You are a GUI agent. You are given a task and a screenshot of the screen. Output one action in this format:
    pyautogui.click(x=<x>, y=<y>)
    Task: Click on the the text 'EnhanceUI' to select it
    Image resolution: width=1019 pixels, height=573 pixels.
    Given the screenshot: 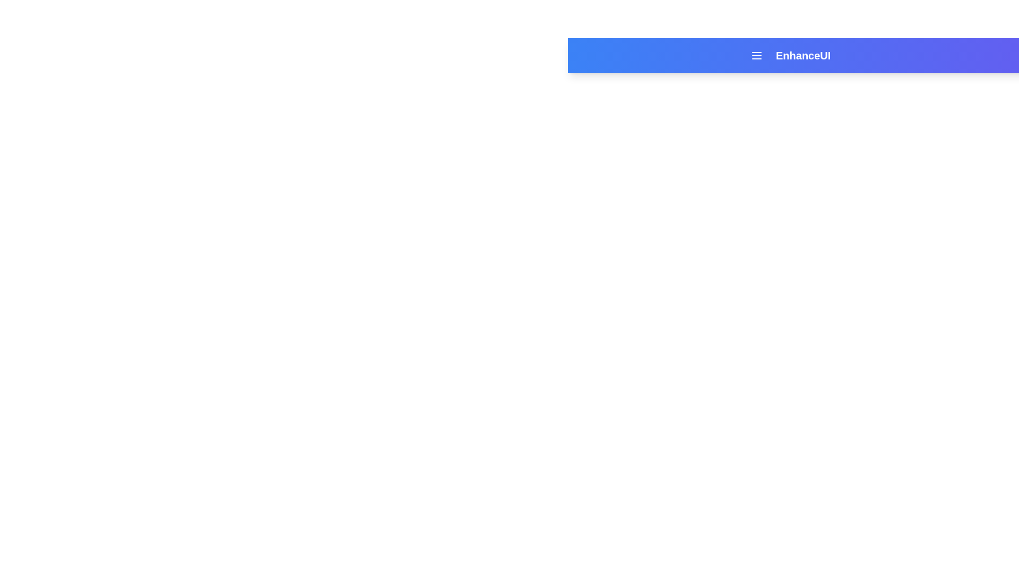 What is the action you would take?
    pyautogui.click(x=803, y=55)
    